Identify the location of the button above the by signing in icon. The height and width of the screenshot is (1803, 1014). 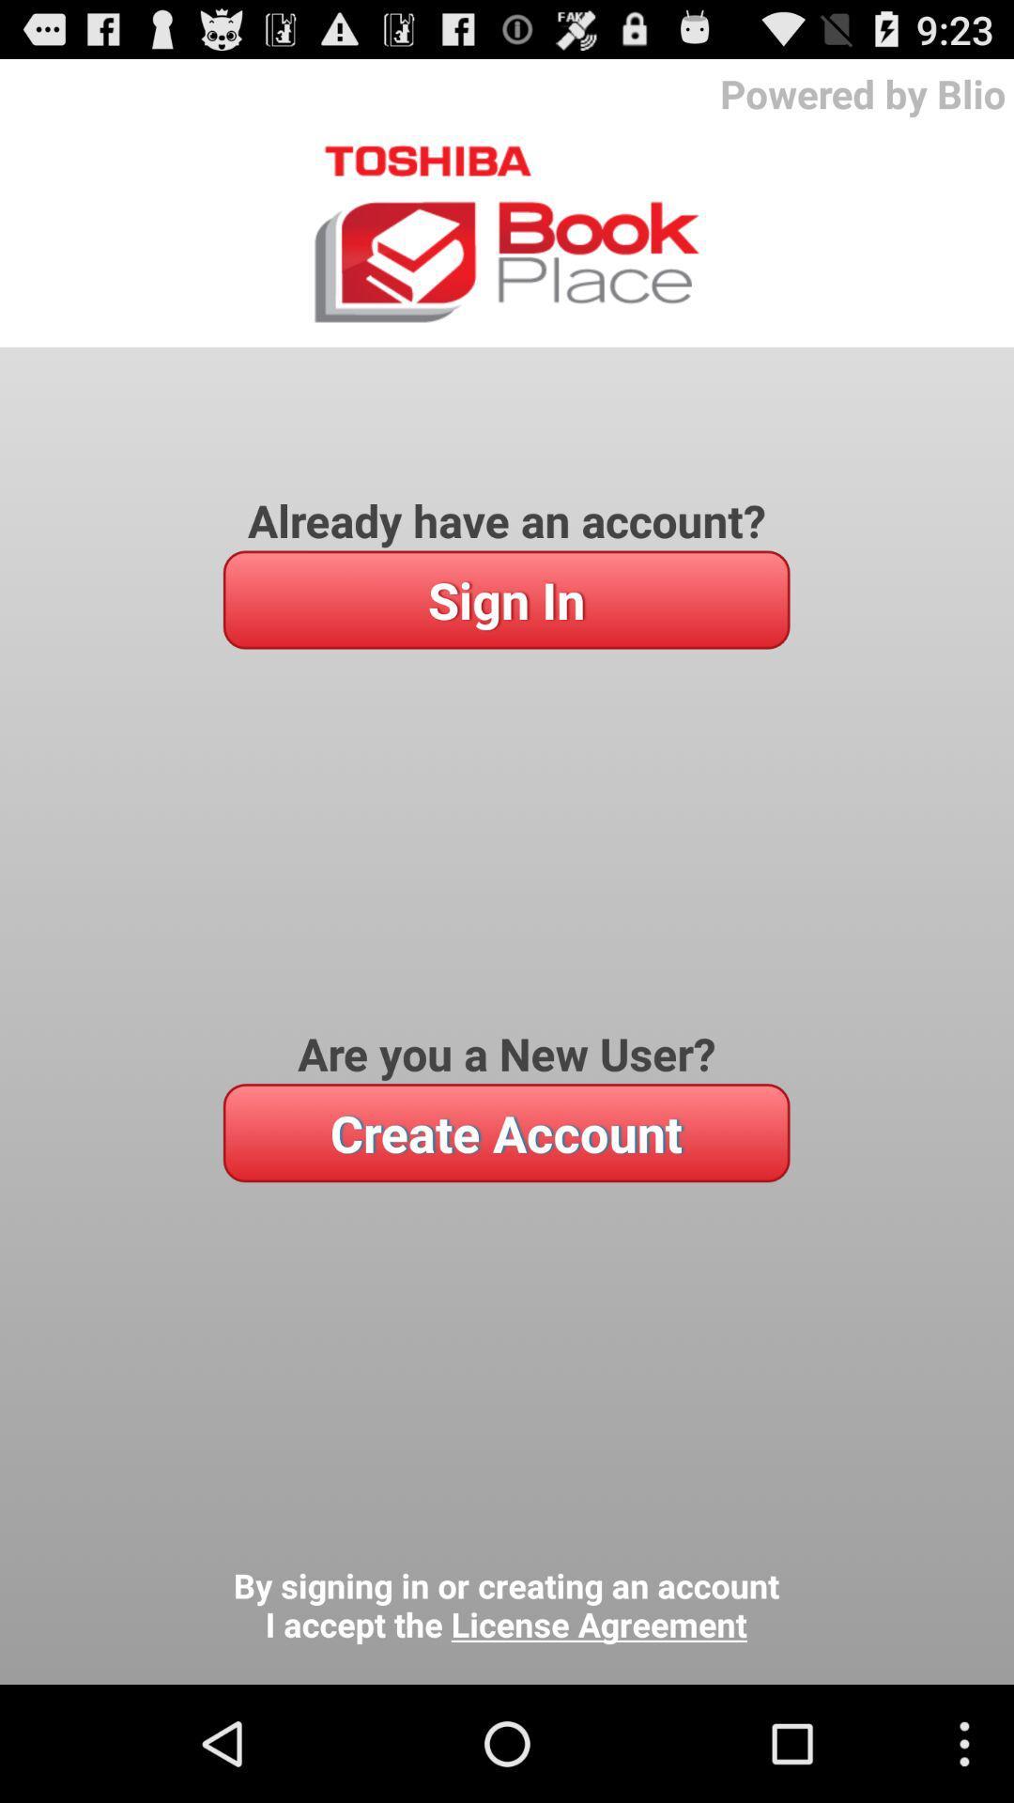
(505, 1132).